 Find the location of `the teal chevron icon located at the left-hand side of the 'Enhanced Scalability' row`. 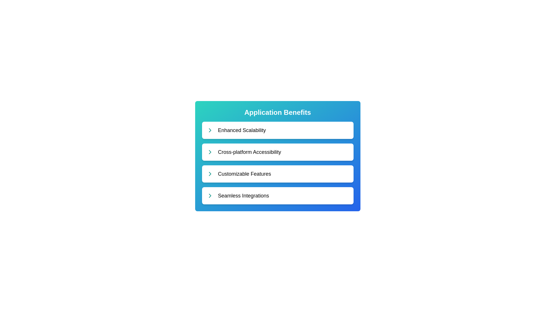

the teal chevron icon located at the left-hand side of the 'Enhanced Scalability' row is located at coordinates (209, 130).